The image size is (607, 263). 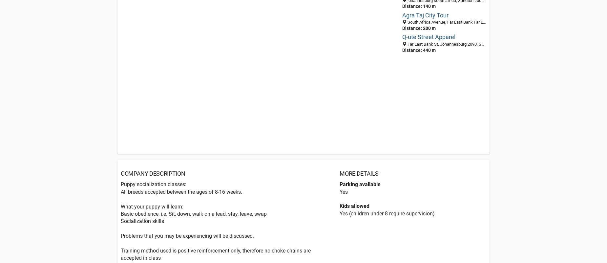 I want to click on 'Yes (children under 8 require supervision)', so click(x=387, y=213).